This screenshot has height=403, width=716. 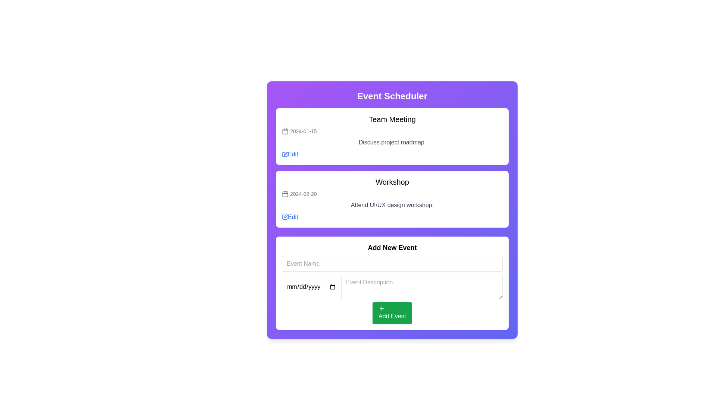 What do you see at coordinates (392, 142) in the screenshot?
I see `the text element that provides information about the team meeting agenda, located in the second row of the 'Team Meeting' section, below the date and above the 'Edit' link` at bounding box center [392, 142].